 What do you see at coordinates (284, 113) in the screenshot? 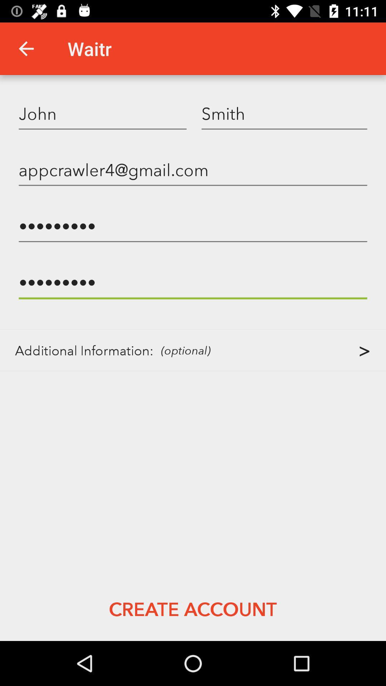
I see `item next to john` at bounding box center [284, 113].